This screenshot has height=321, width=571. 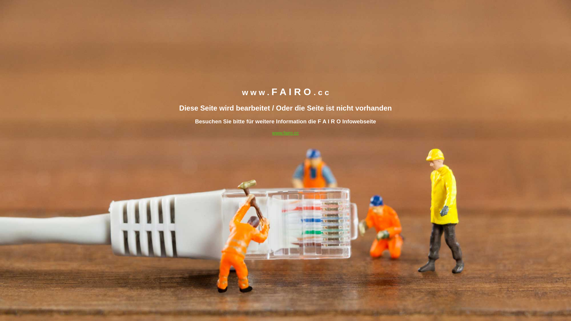 I want to click on 'www.fairo.cc', so click(x=272, y=132).